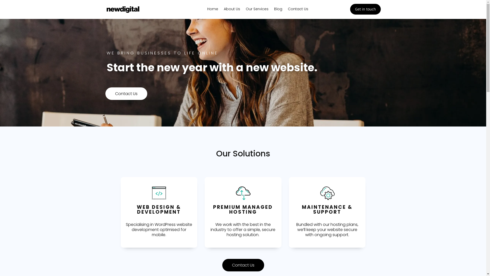 The height and width of the screenshot is (276, 490). What do you see at coordinates (246, 10) in the screenshot?
I see `'Our Services'` at bounding box center [246, 10].